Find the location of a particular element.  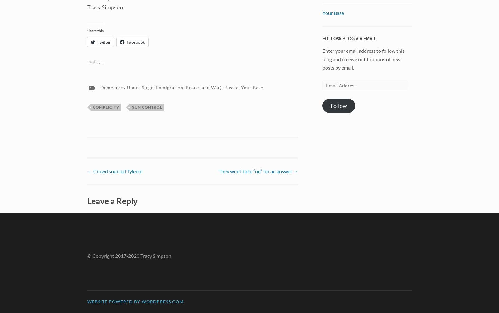

'Enter your email address to follow this blog and receive notifications of new posts by email.' is located at coordinates (363, 58).